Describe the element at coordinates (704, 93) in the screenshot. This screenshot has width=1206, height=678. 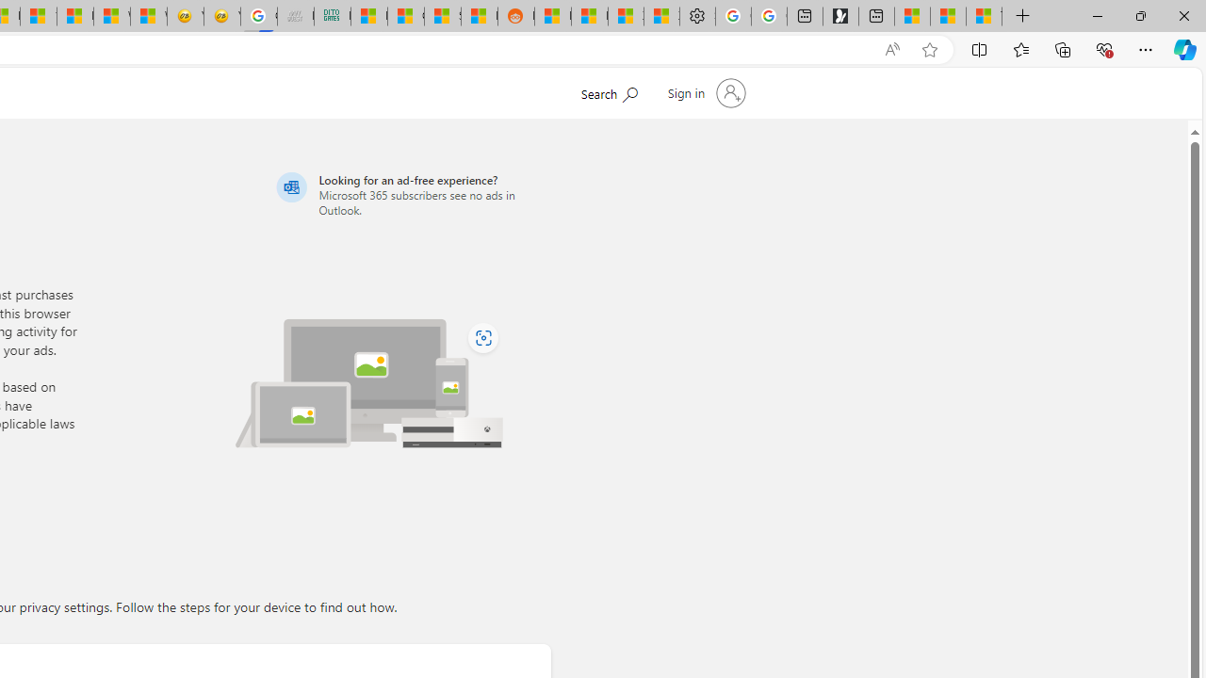
I see `'Sign in to your account'` at that location.